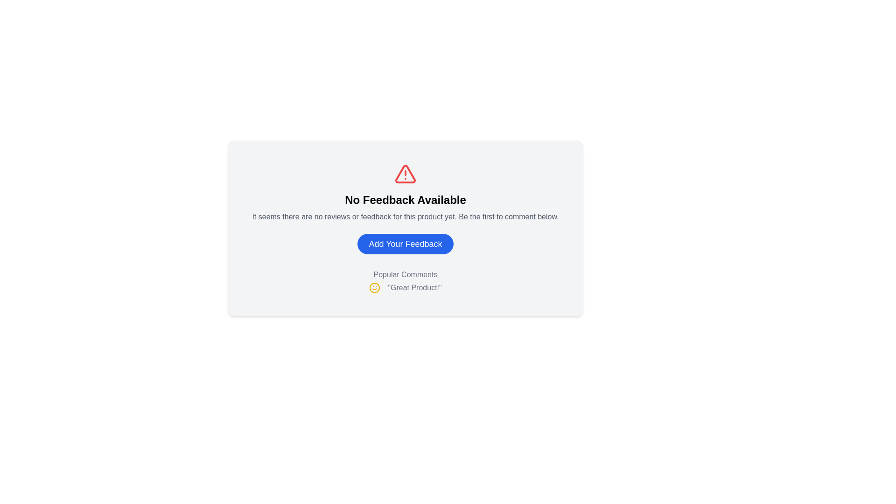  I want to click on the warning visual indicator located at the top of the light gray box, which is directly above the 'No Feedback Available' text, so click(405, 174).